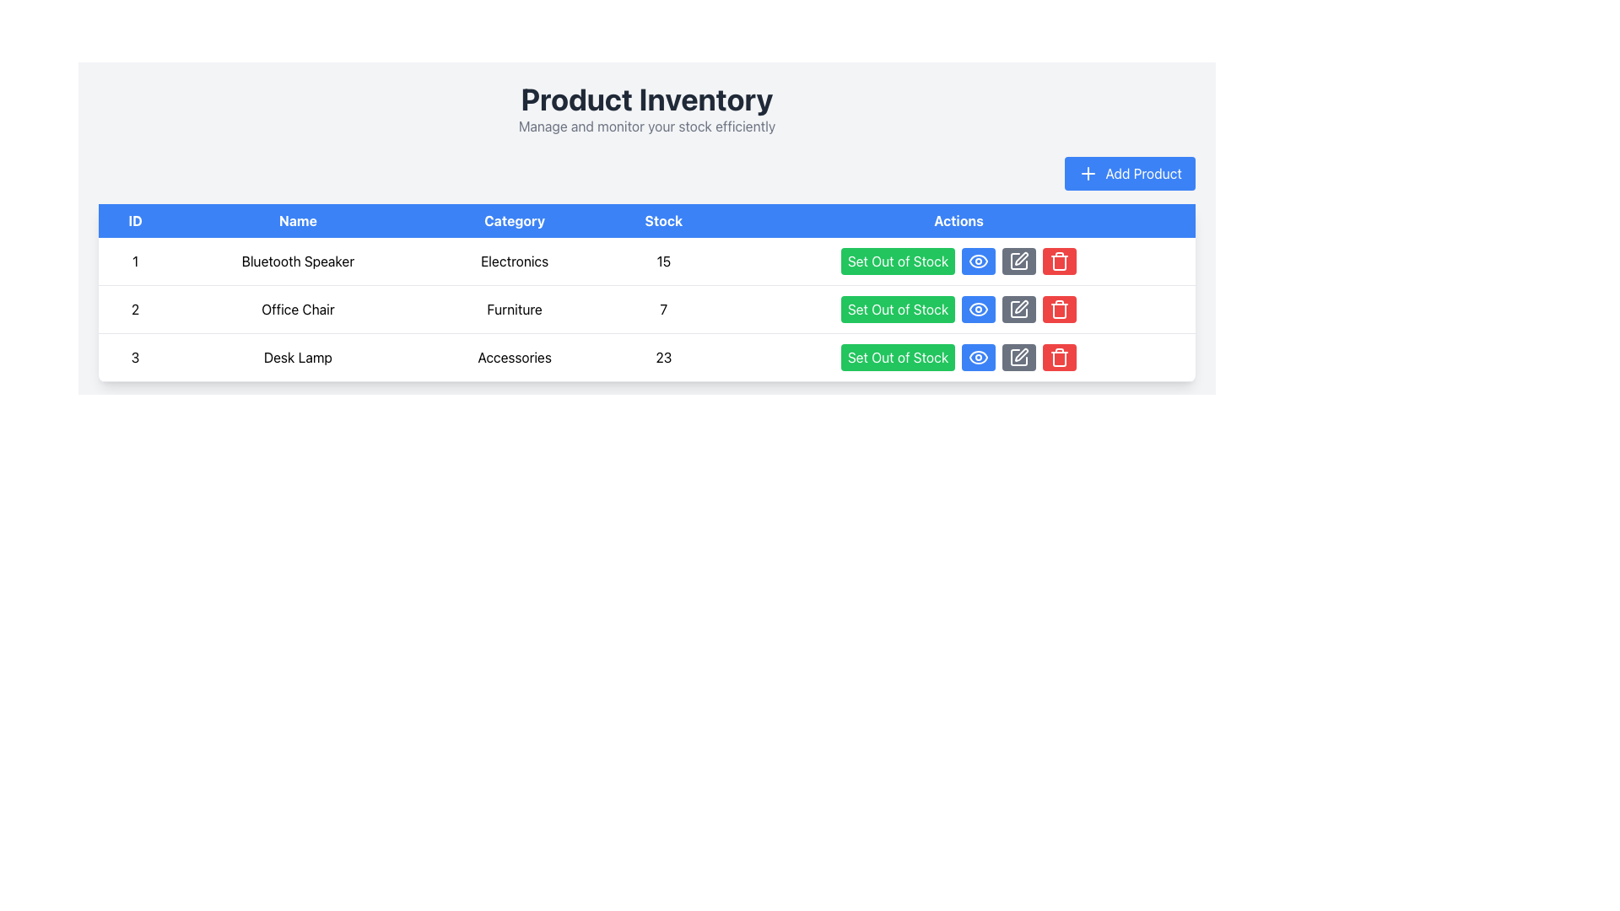 The width and height of the screenshot is (1620, 911). What do you see at coordinates (1018, 261) in the screenshot?
I see `the edit button located in the 'Actions' column of the product table in the third row` at bounding box center [1018, 261].